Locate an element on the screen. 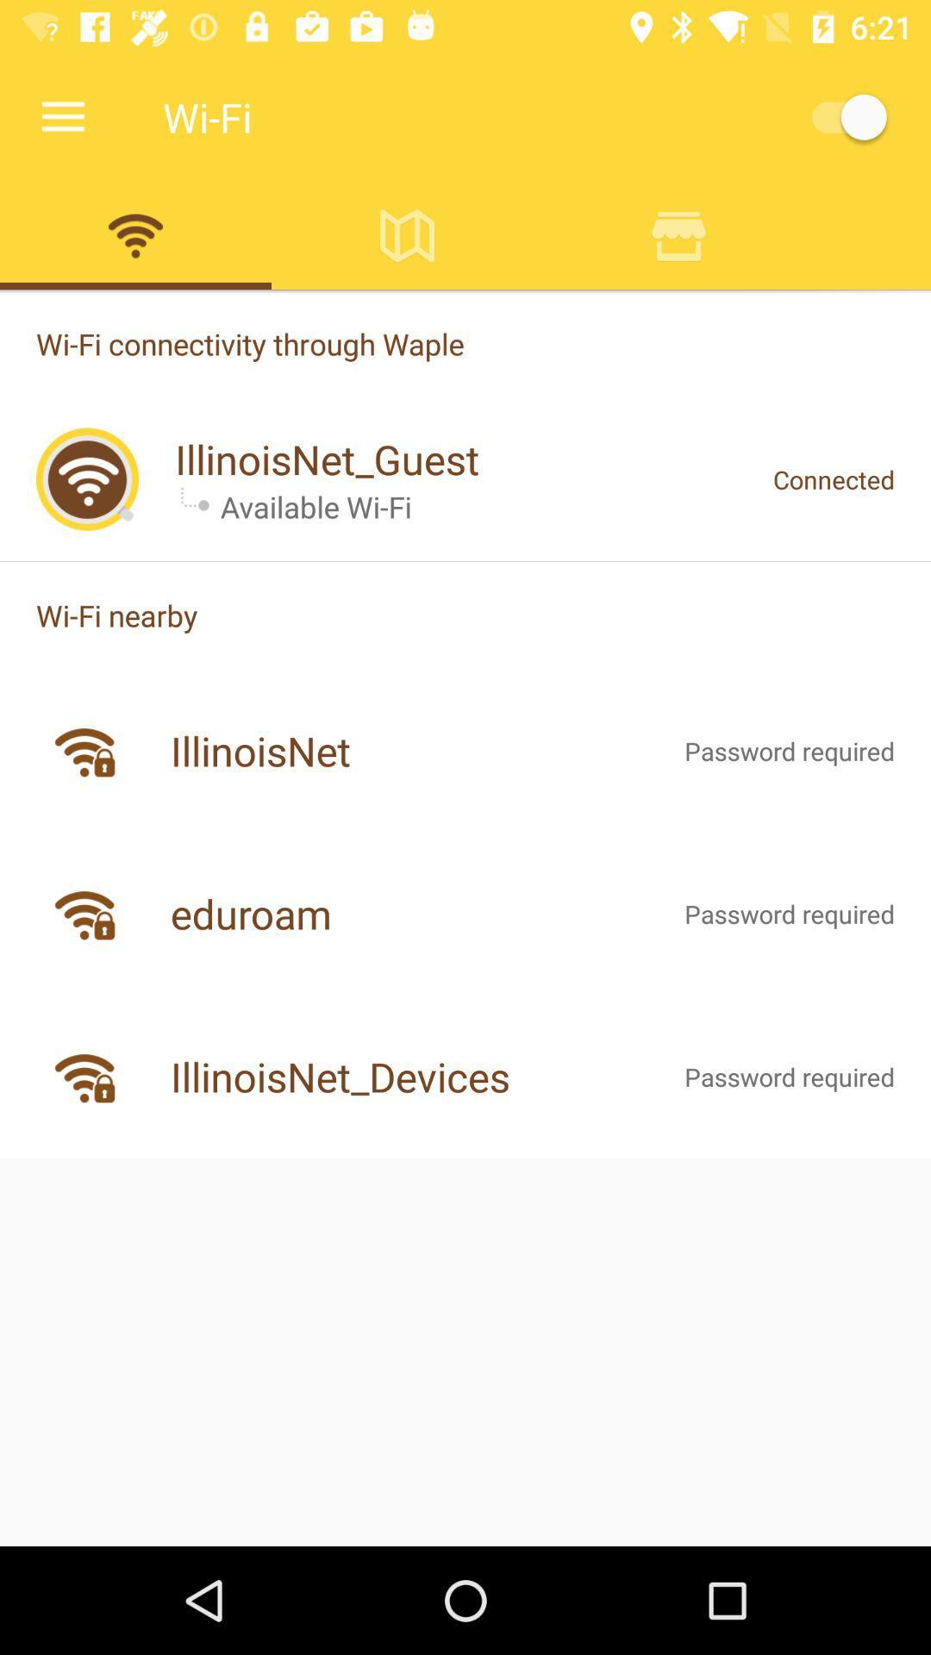 Image resolution: width=931 pixels, height=1655 pixels. autoplay option is located at coordinates (840, 116).